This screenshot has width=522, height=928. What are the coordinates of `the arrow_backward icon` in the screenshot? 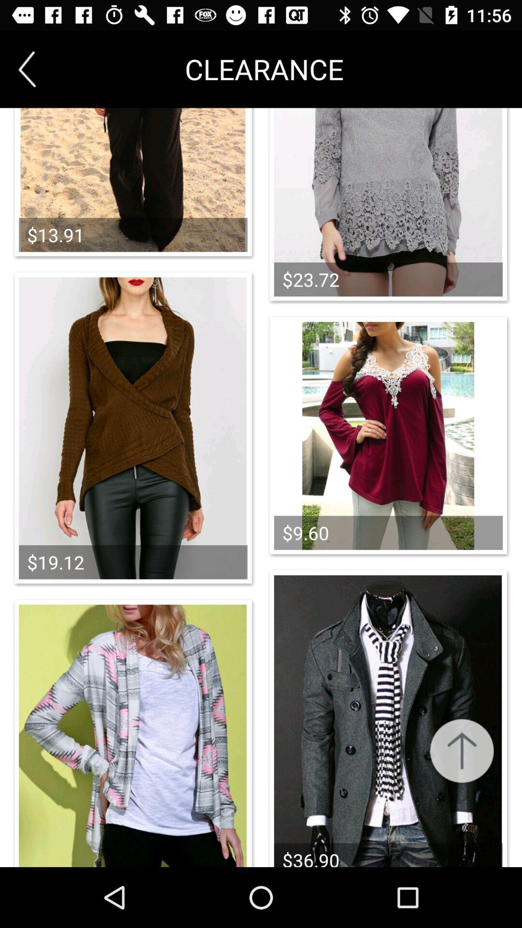 It's located at (27, 69).